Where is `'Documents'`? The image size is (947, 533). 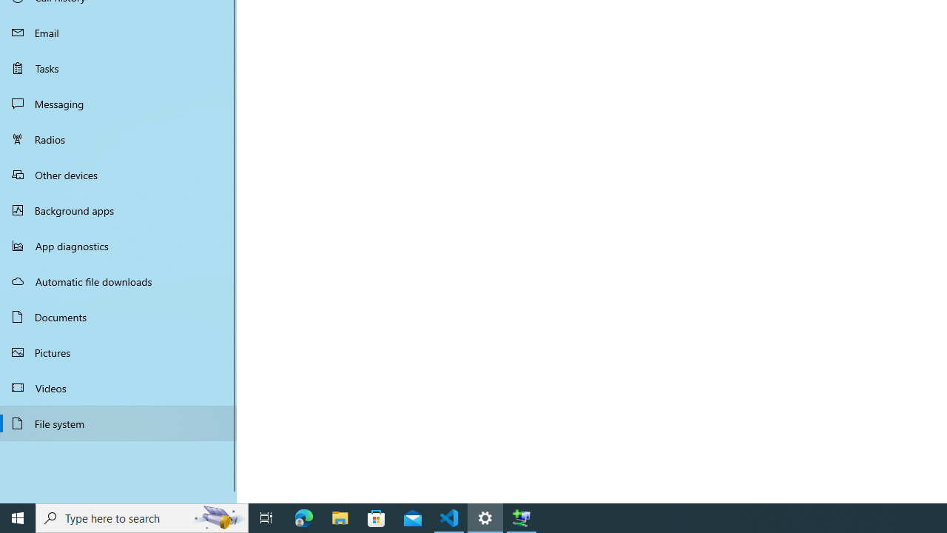 'Documents' is located at coordinates (118, 316).